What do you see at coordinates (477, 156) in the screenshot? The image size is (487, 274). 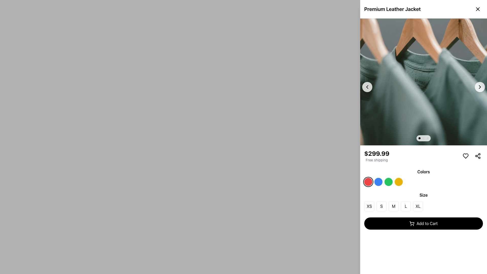 I see `the share button located in the top-right area of the interface, which is the second button in a horizontal group adjacent to a heart icon button` at bounding box center [477, 156].